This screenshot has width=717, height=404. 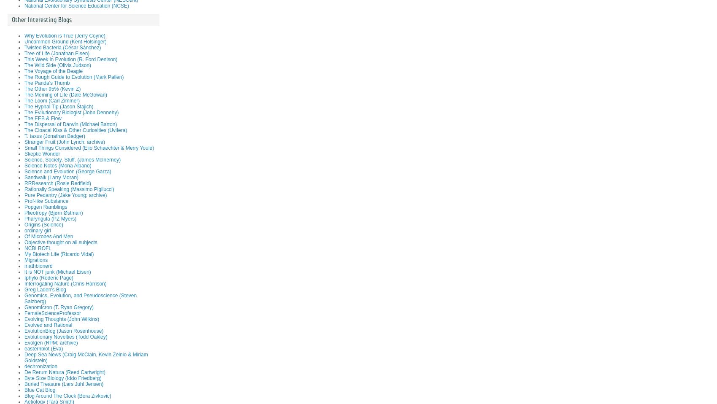 What do you see at coordinates (41, 19) in the screenshot?
I see `'Other Interesting Blogs'` at bounding box center [41, 19].